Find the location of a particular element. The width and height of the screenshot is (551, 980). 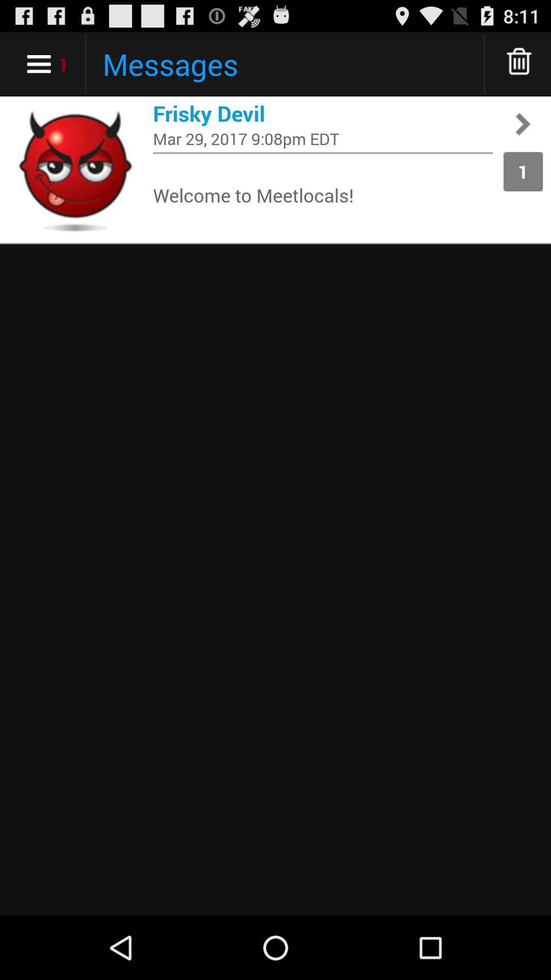

the app below frisky devil icon is located at coordinates (322, 138).